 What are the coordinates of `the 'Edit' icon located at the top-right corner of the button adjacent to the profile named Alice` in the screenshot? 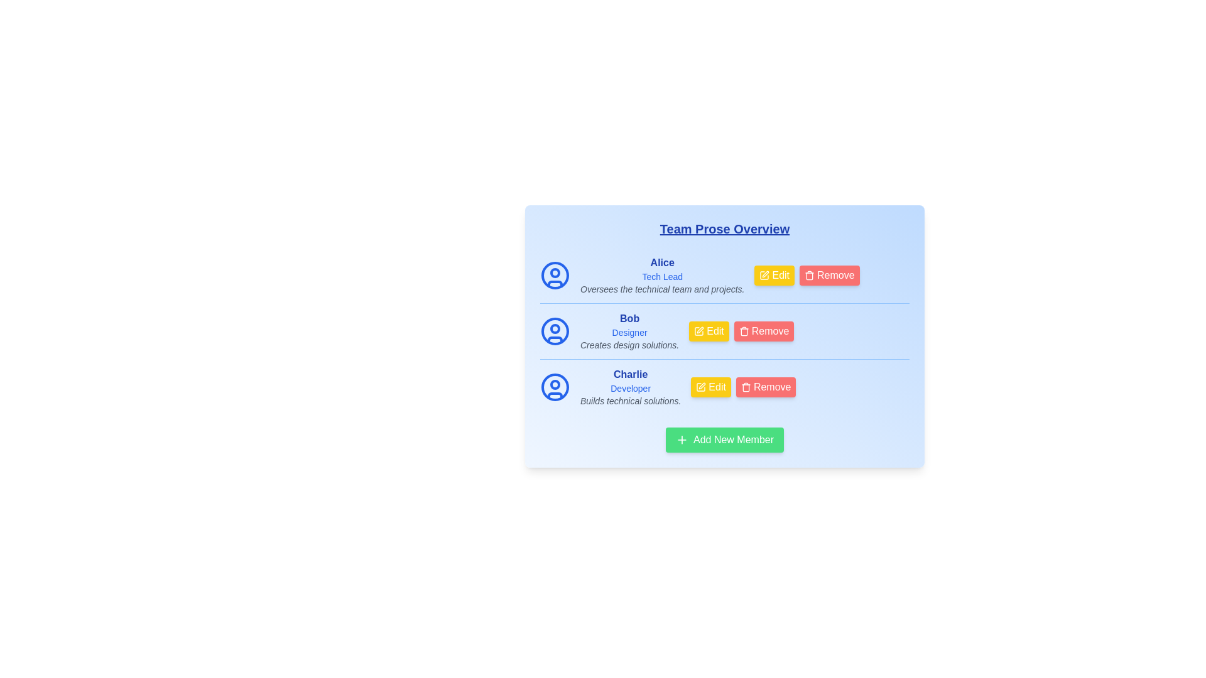 It's located at (764, 275).